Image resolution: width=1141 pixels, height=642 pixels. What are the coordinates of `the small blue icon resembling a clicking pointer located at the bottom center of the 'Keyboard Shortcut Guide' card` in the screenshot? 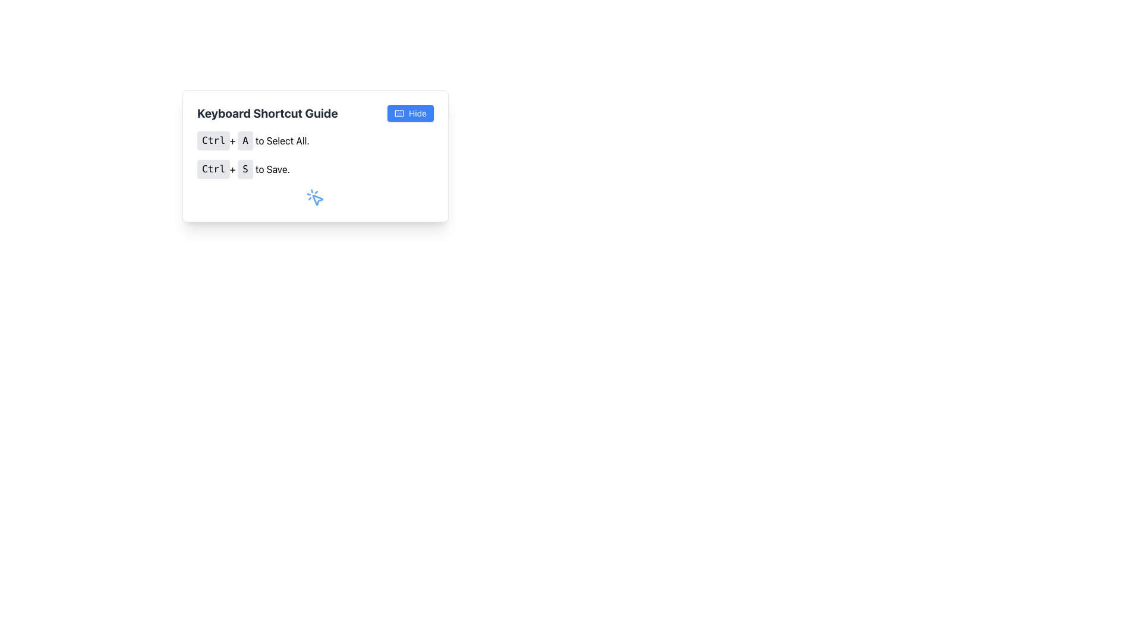 It's located at (316, 197).